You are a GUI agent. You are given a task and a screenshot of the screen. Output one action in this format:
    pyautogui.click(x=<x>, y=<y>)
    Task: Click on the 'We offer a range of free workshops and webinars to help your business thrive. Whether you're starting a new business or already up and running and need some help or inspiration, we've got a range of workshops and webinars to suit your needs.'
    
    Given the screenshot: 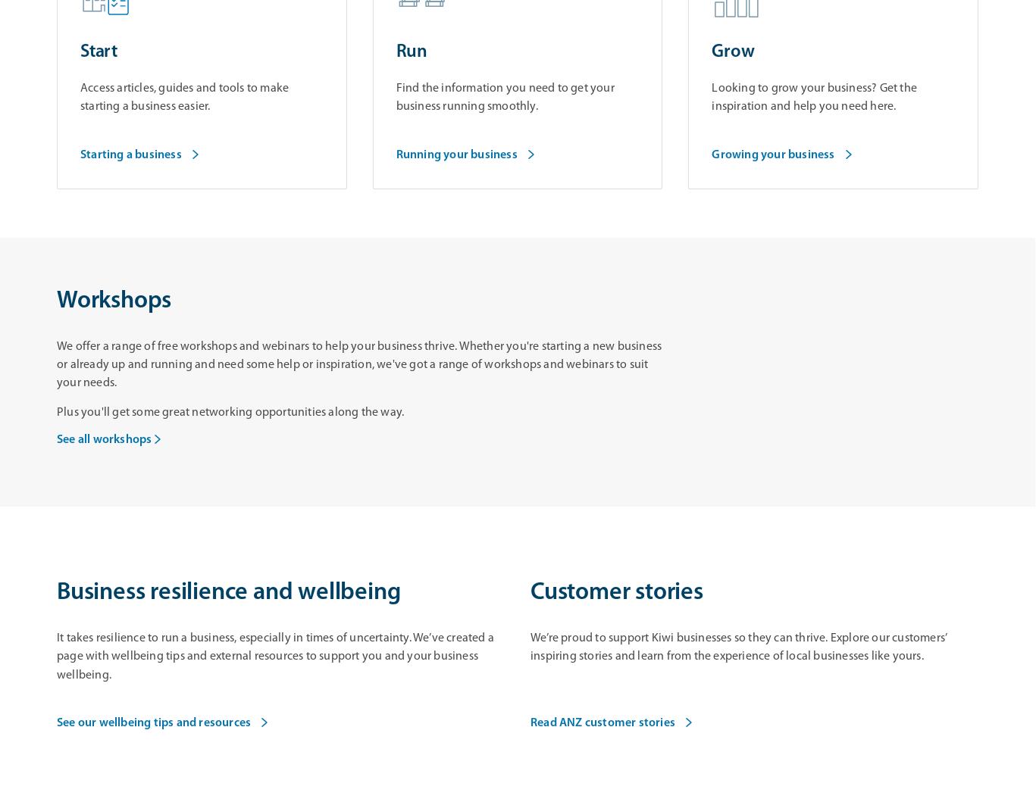 What is the action you would take?
    pyautogui.click(x=57, y=364)
    